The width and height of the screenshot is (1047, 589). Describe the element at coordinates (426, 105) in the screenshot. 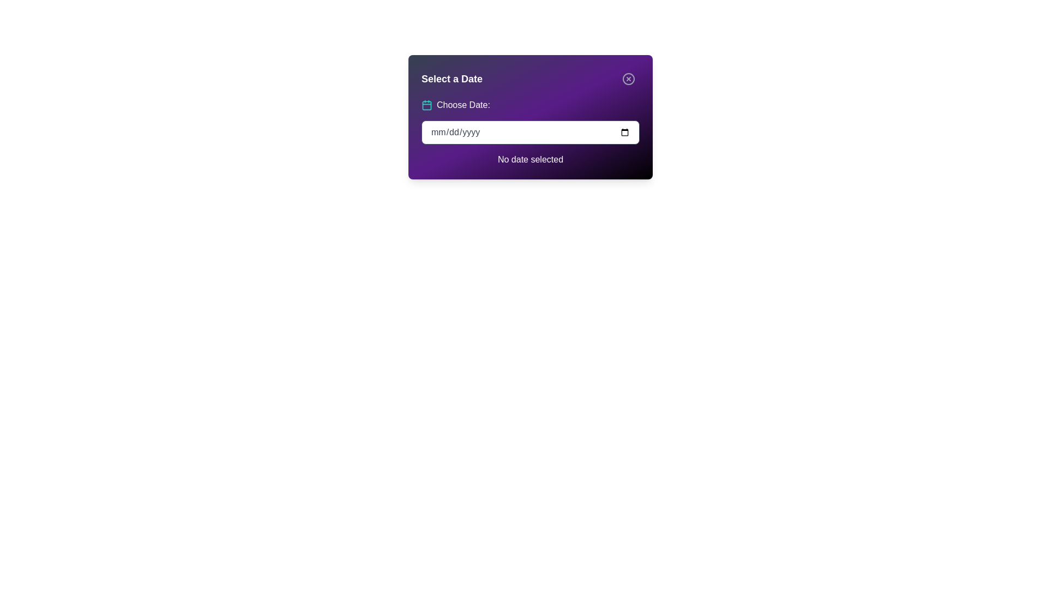

I see `the calendar icon located to the left of the 'Choose Date:' text as a visual reference for date selection functionality` at that location.